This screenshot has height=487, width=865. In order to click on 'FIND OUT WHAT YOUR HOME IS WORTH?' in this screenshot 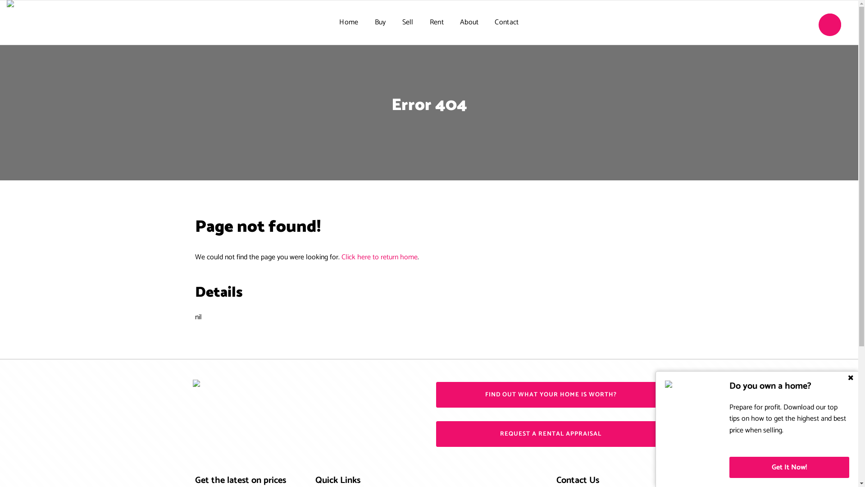, I will do `click(551, 394)`.